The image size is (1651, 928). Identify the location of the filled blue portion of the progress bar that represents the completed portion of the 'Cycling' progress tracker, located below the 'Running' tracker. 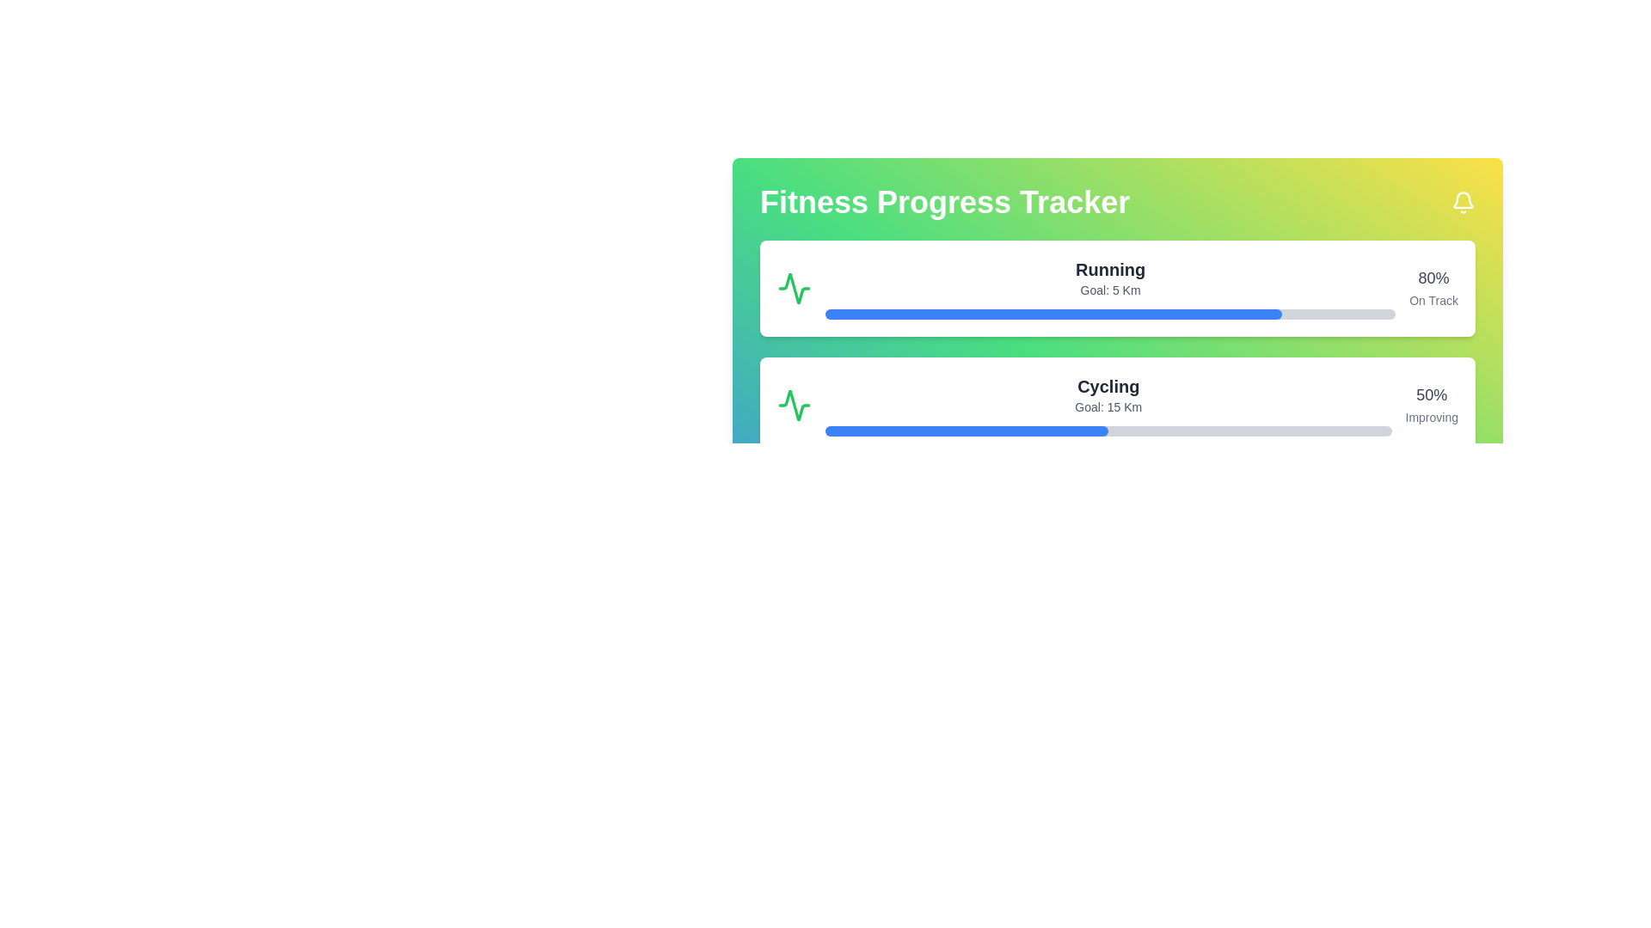
(967, 430).